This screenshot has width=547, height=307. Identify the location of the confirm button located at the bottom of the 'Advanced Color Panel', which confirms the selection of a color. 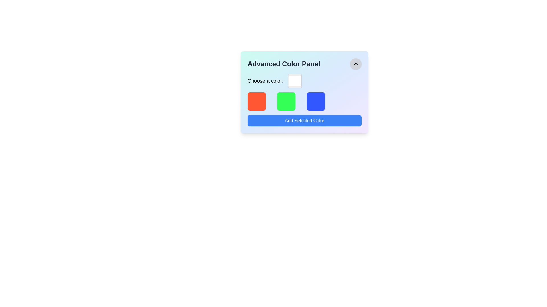
(304, 120).